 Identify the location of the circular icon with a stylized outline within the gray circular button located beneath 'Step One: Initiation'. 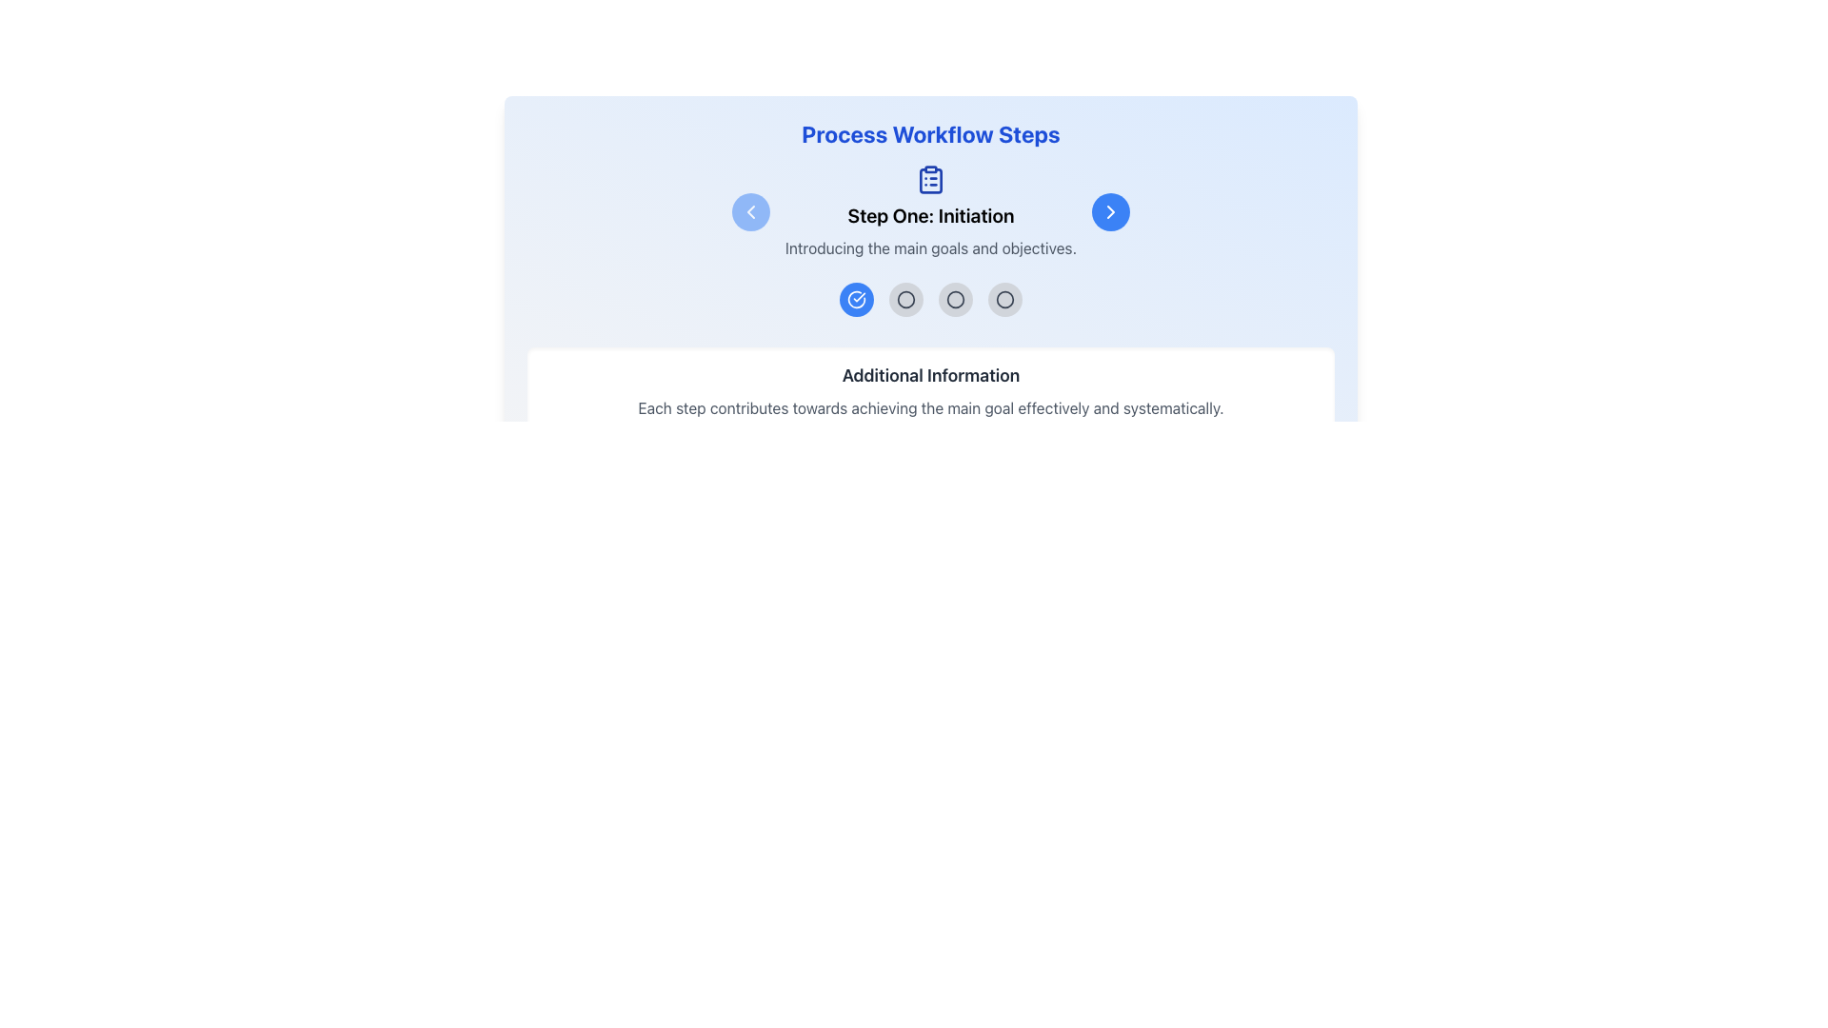
(1004, 300).